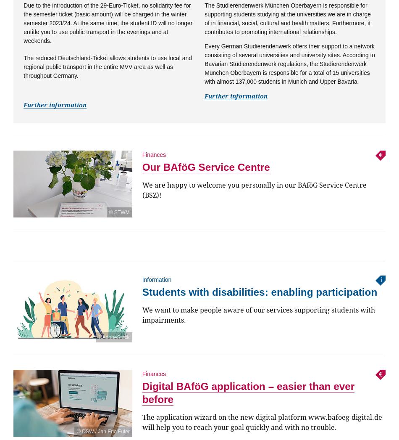  What do you see at coordinates (204, 18) in the screenshot?
I see `'The Studierendenwerk München Oberbayern is responsible for supporting students studying at the universities we are in charge of in financial, social, cultural and health matters. Furthermore, it contributes to promoting international relationships.'` at bounding box center [204, 18].